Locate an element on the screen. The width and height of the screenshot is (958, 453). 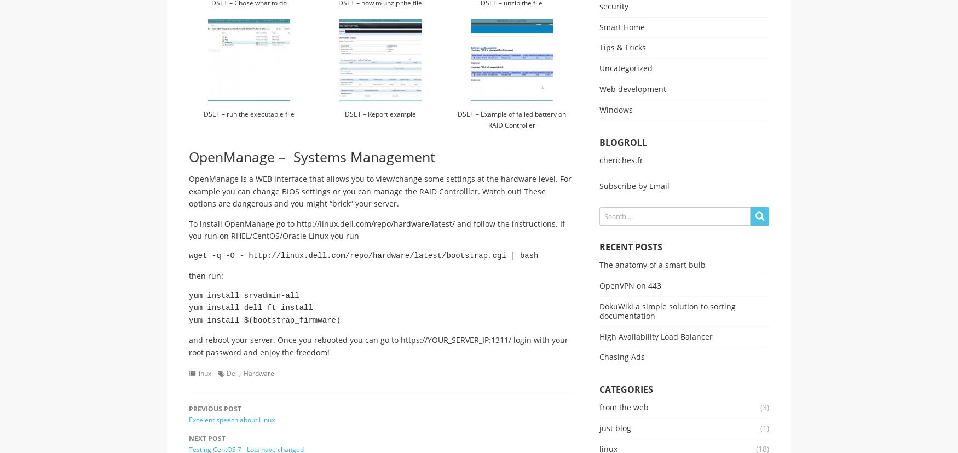
'OpenManage is a WEB interface that allows you to view/change some settings at the hardware level. For example you can change BIOS settings or you can manage the RAID Controlller. Watch out! These options are dangerous and you might “brick” your server.' is located at coordinates (188, 191).